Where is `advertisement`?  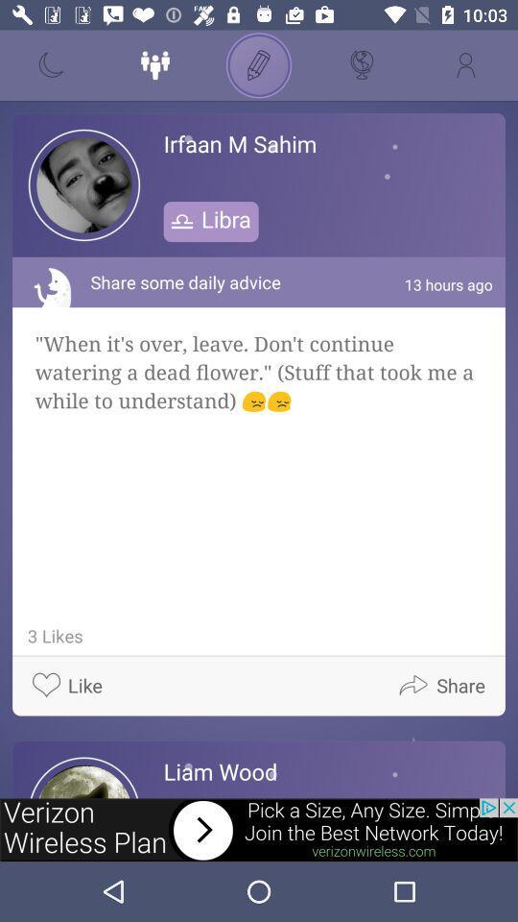
advertisement is located at coordinates (259, 829).